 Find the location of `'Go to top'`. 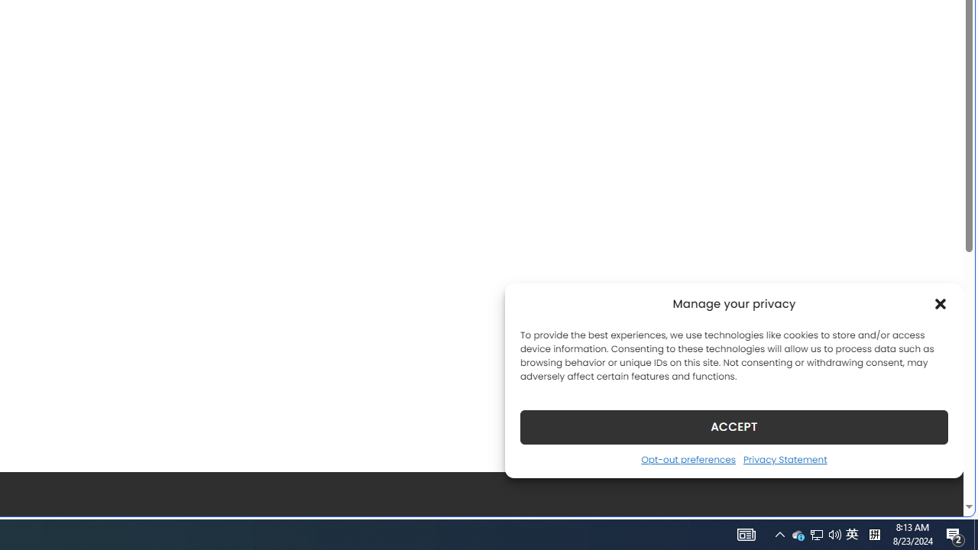

'Go to top' is located at coordinates (931, 495).